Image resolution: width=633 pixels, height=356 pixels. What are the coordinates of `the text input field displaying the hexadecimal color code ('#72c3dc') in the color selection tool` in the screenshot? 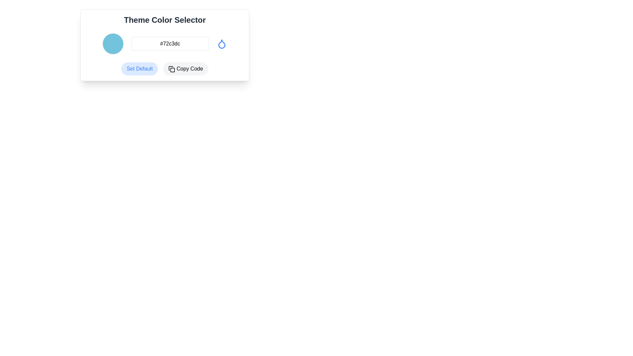 It's located at (165, 44).